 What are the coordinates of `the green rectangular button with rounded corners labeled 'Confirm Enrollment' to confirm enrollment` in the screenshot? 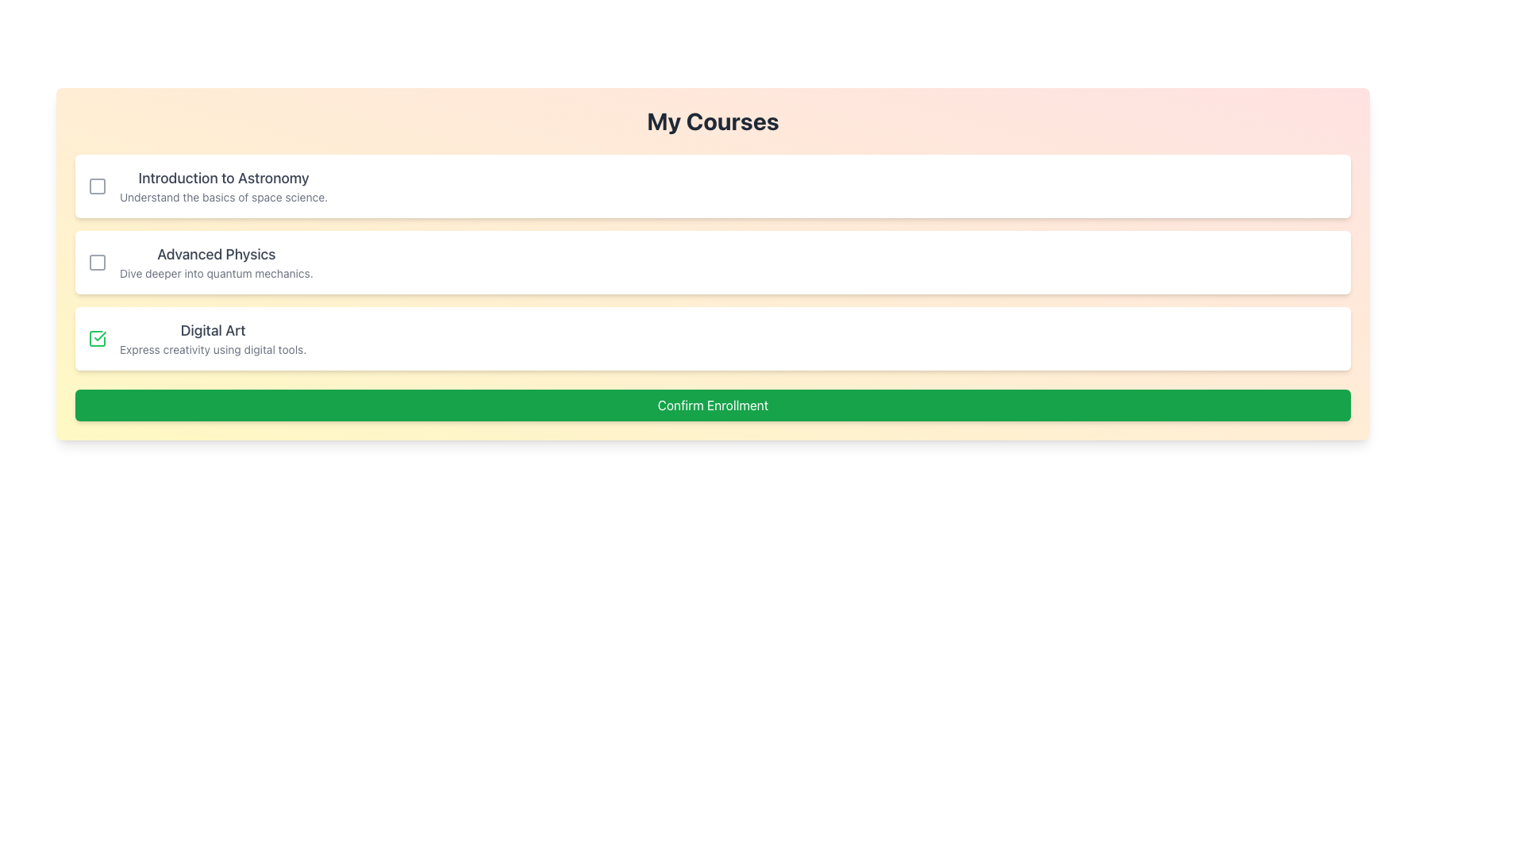 It's located at (712, 404).